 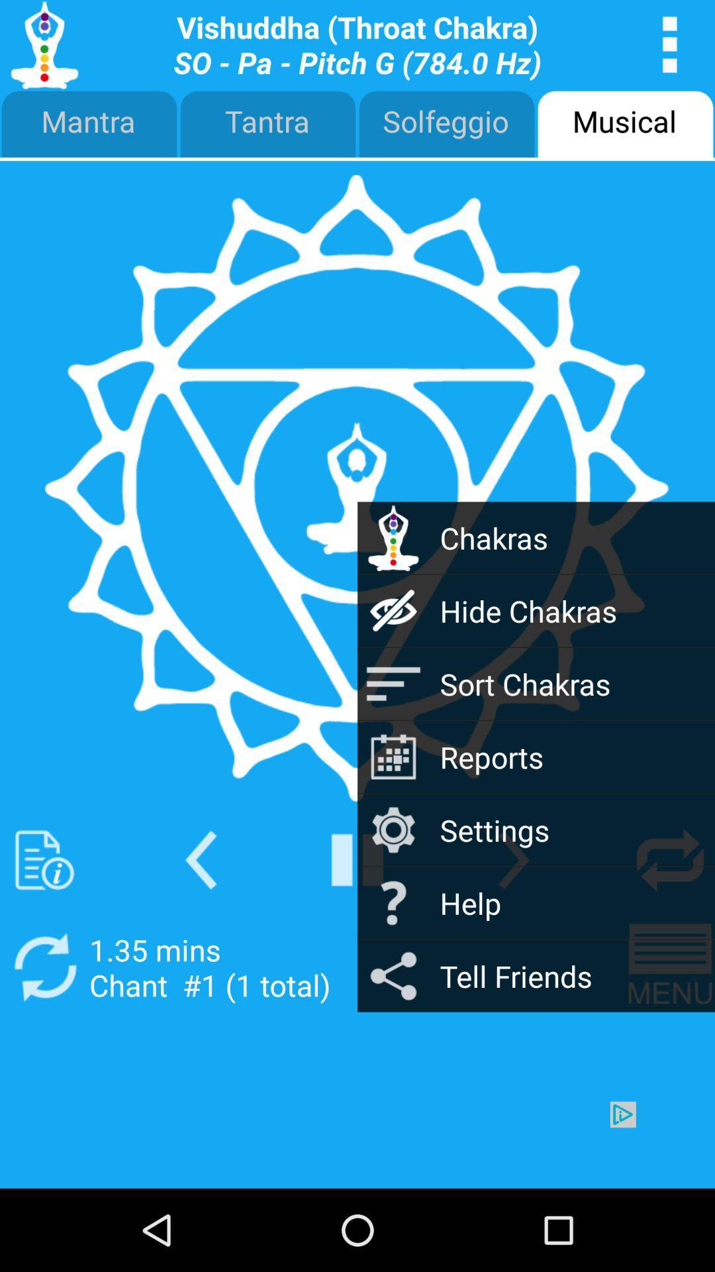 What do you see at coordinates (670, 967) in the screenshot?
I see `menu` at bounding box center [670, 967].